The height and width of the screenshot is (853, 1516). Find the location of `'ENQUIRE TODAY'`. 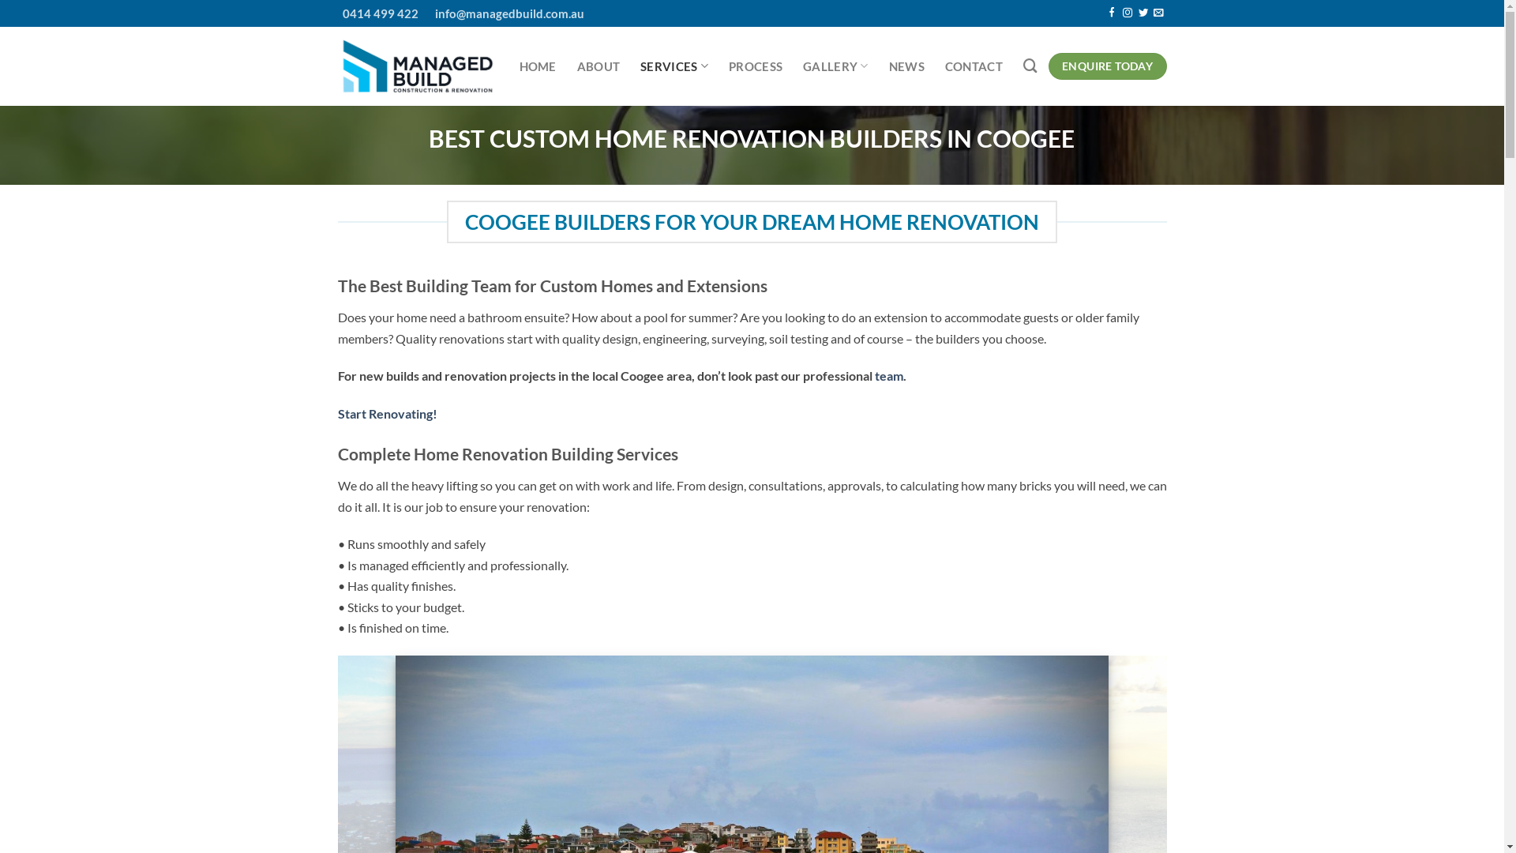

'ENQUIRE TODAY' is located at coordinates (1106, 66).